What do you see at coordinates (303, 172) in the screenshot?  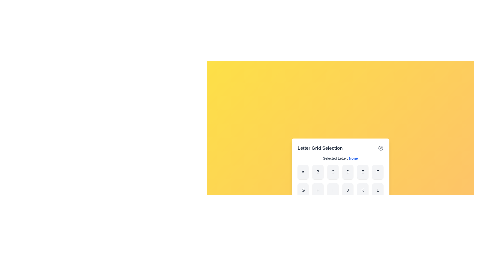 I see `the letter A from the grid` at bounding box center [303, 172].